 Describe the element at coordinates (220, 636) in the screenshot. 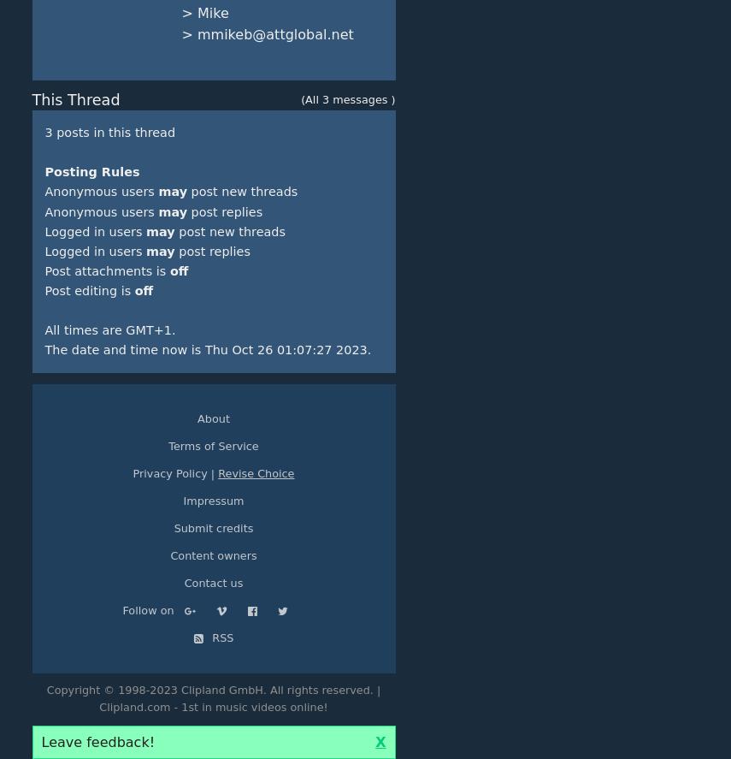

I see `'RSS'` at that location.